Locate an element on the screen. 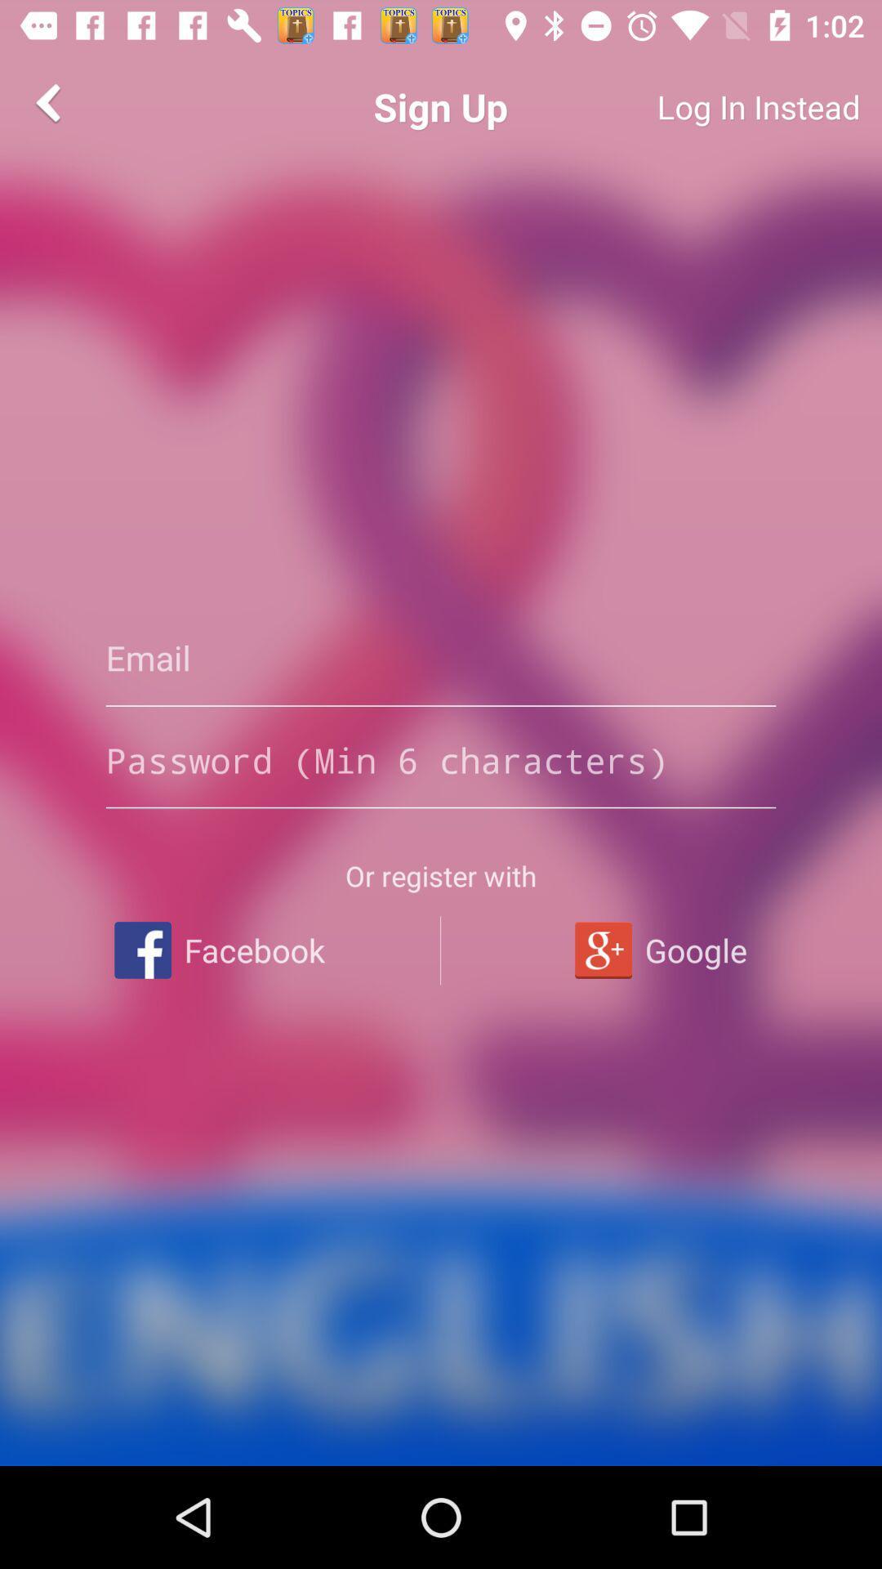  item at the top left corner is located at coordinates (50, 101).